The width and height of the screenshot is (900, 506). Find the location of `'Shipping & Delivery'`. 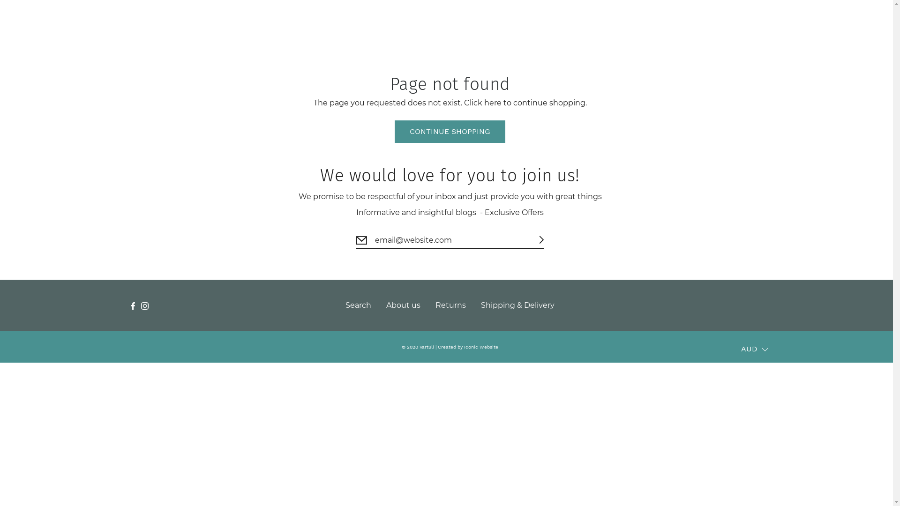

'Shipping & Delivery' is located at coordinates (517, 305).